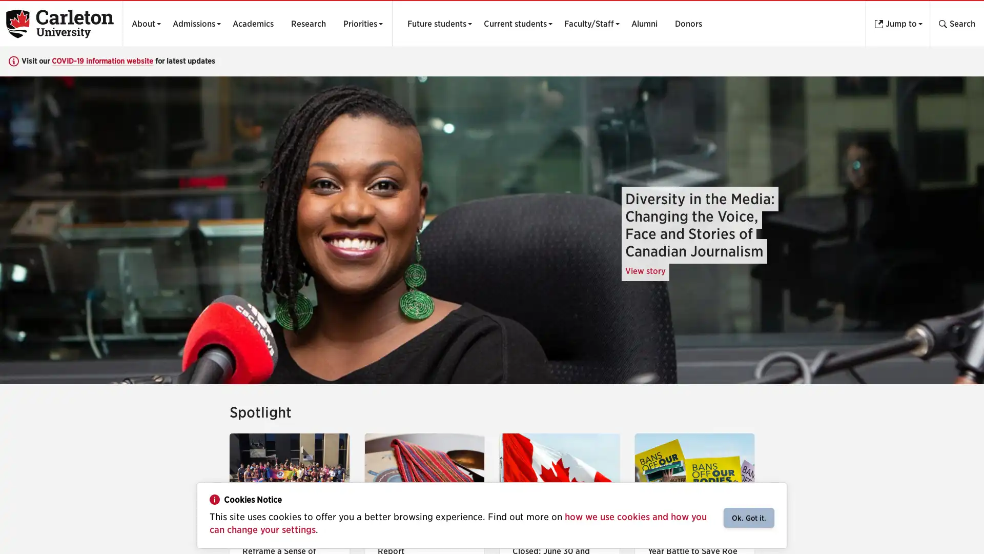  Describe the element at coordinates (194, 23) in the screenshot. I see `Open Menu` at that location.